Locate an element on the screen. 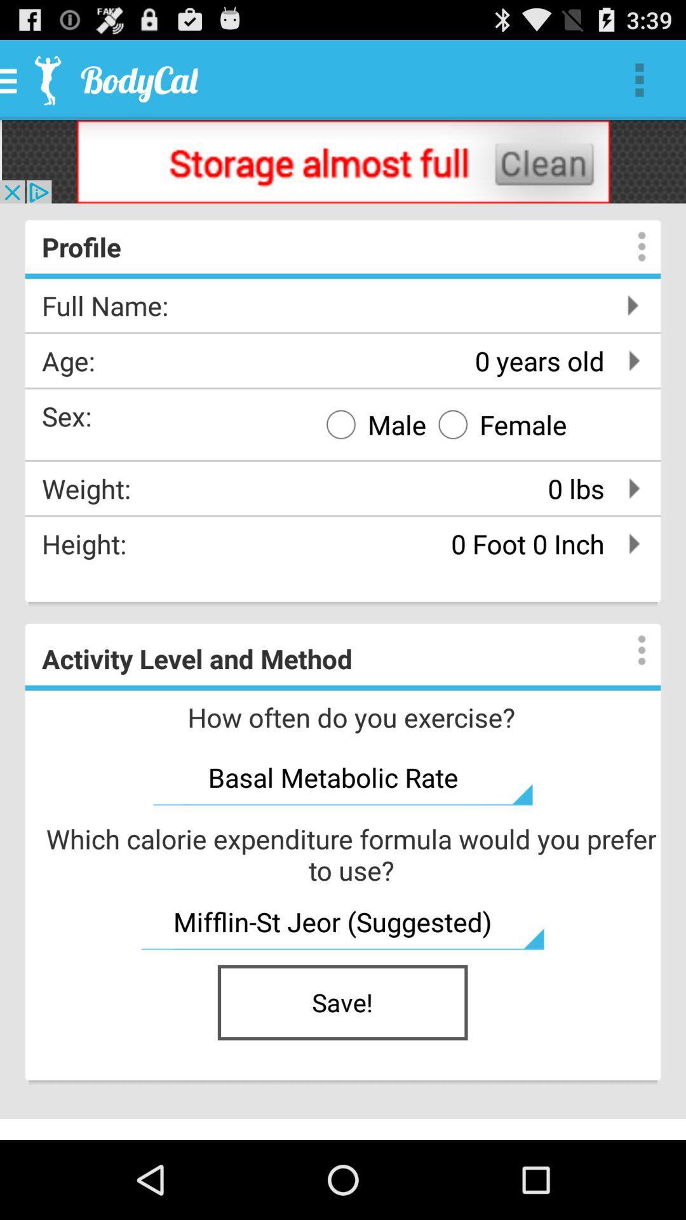 This screenshot has height=1220, width=686. female is located at coordinates (496, 424).